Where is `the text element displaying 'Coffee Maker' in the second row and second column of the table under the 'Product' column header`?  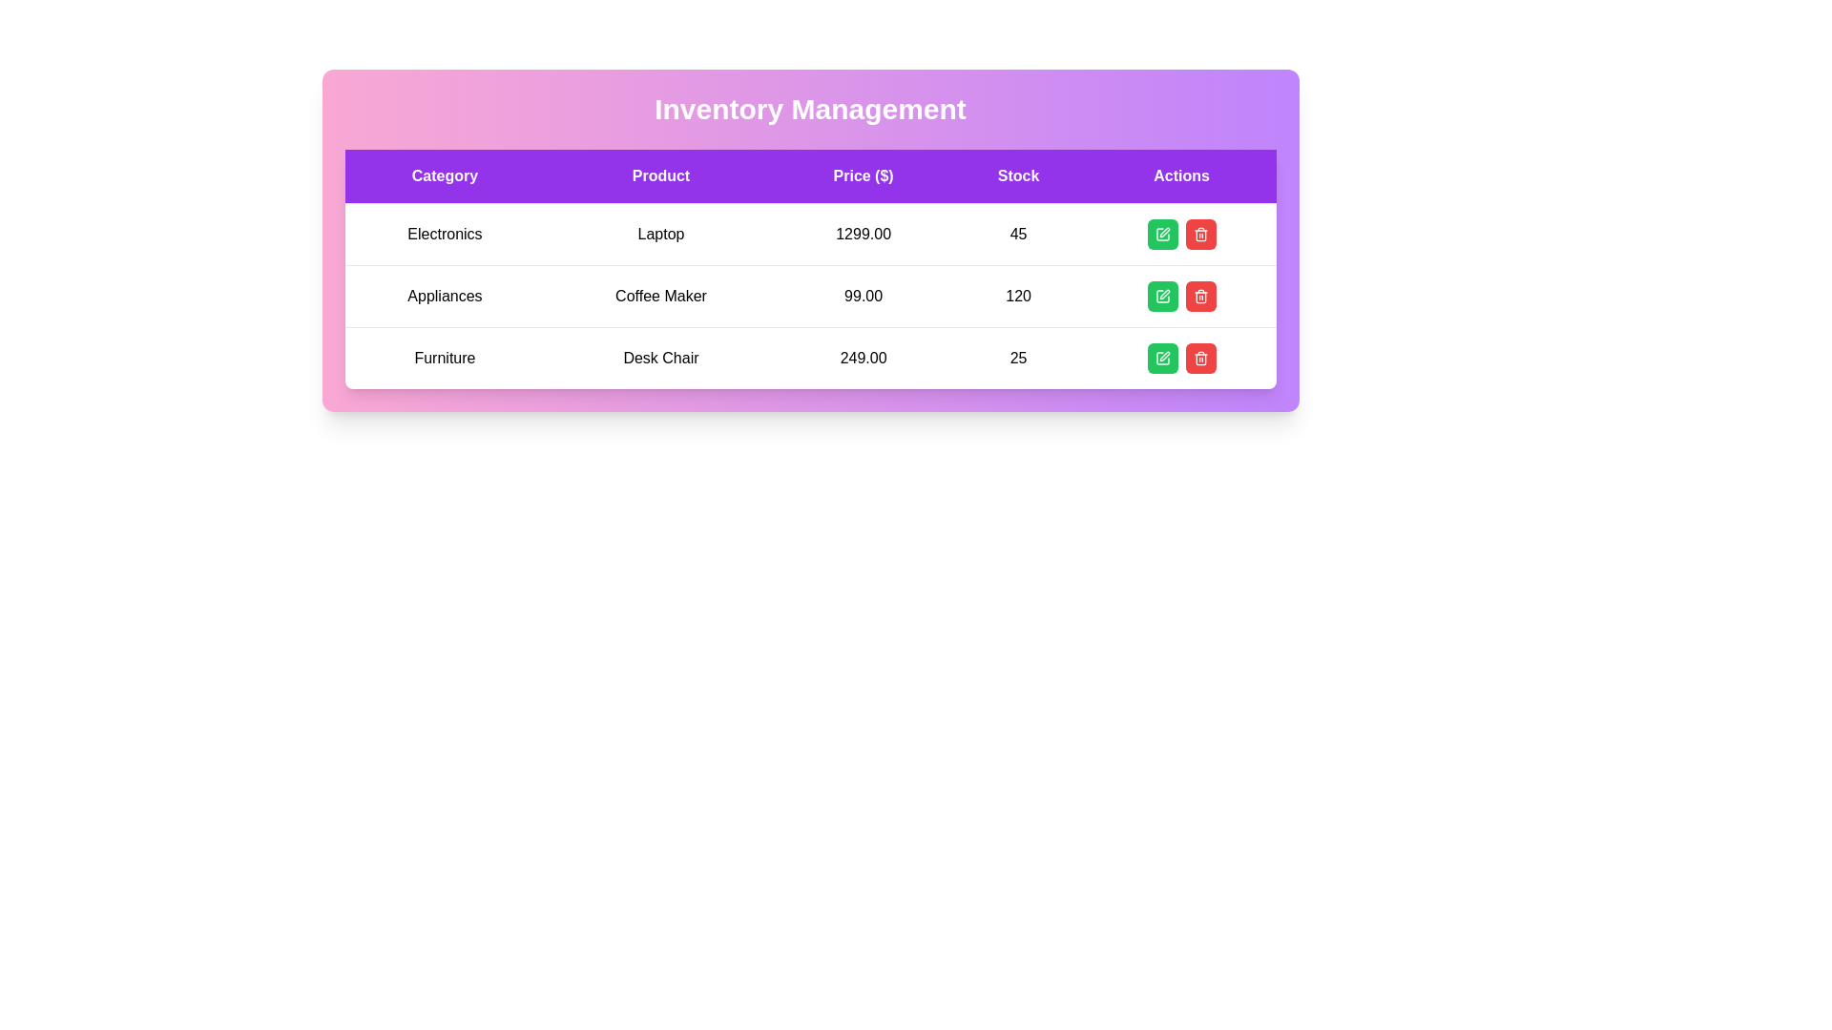
the text element displaying 'Coffee Maker' in the second row and second column of the table under the 'Product' column header is located at coordinates (660, 297).